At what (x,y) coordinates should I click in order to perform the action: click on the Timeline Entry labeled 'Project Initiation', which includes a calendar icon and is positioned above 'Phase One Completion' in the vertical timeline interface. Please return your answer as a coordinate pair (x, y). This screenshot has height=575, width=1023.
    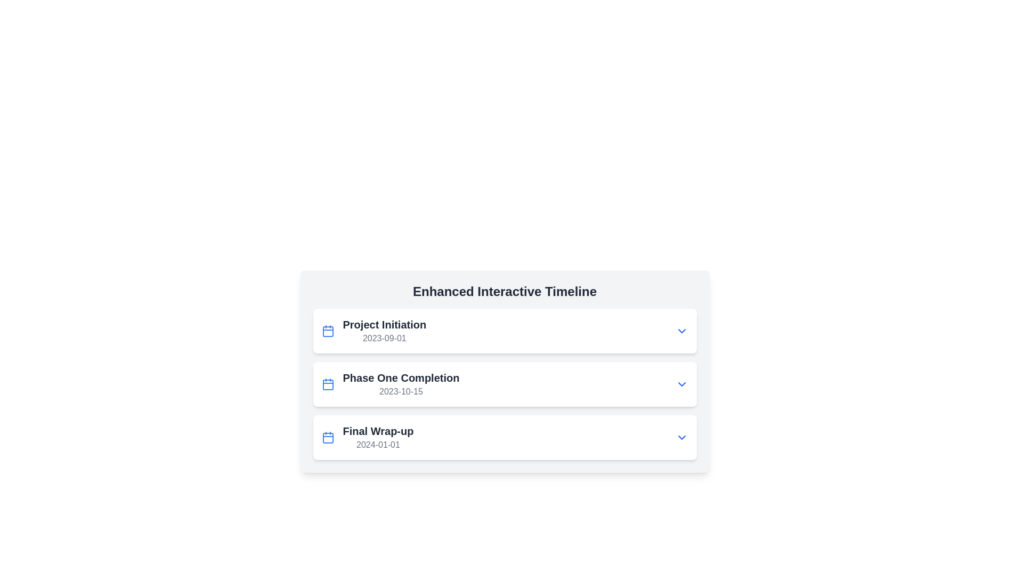
    Looking at the image, I should click on (374, 330).